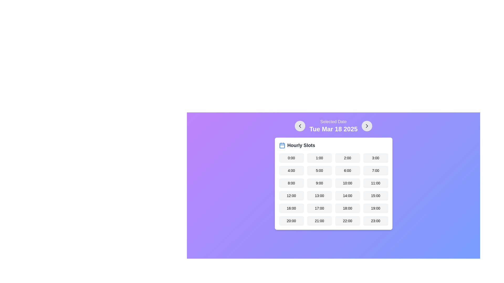 This screenshot has width=504, height=283. I want to click on the small rectangular button with rounded corners and a light grey background displaying '5:00' in black, located in the second row and second column of a grid of time options, so click(319, 171).